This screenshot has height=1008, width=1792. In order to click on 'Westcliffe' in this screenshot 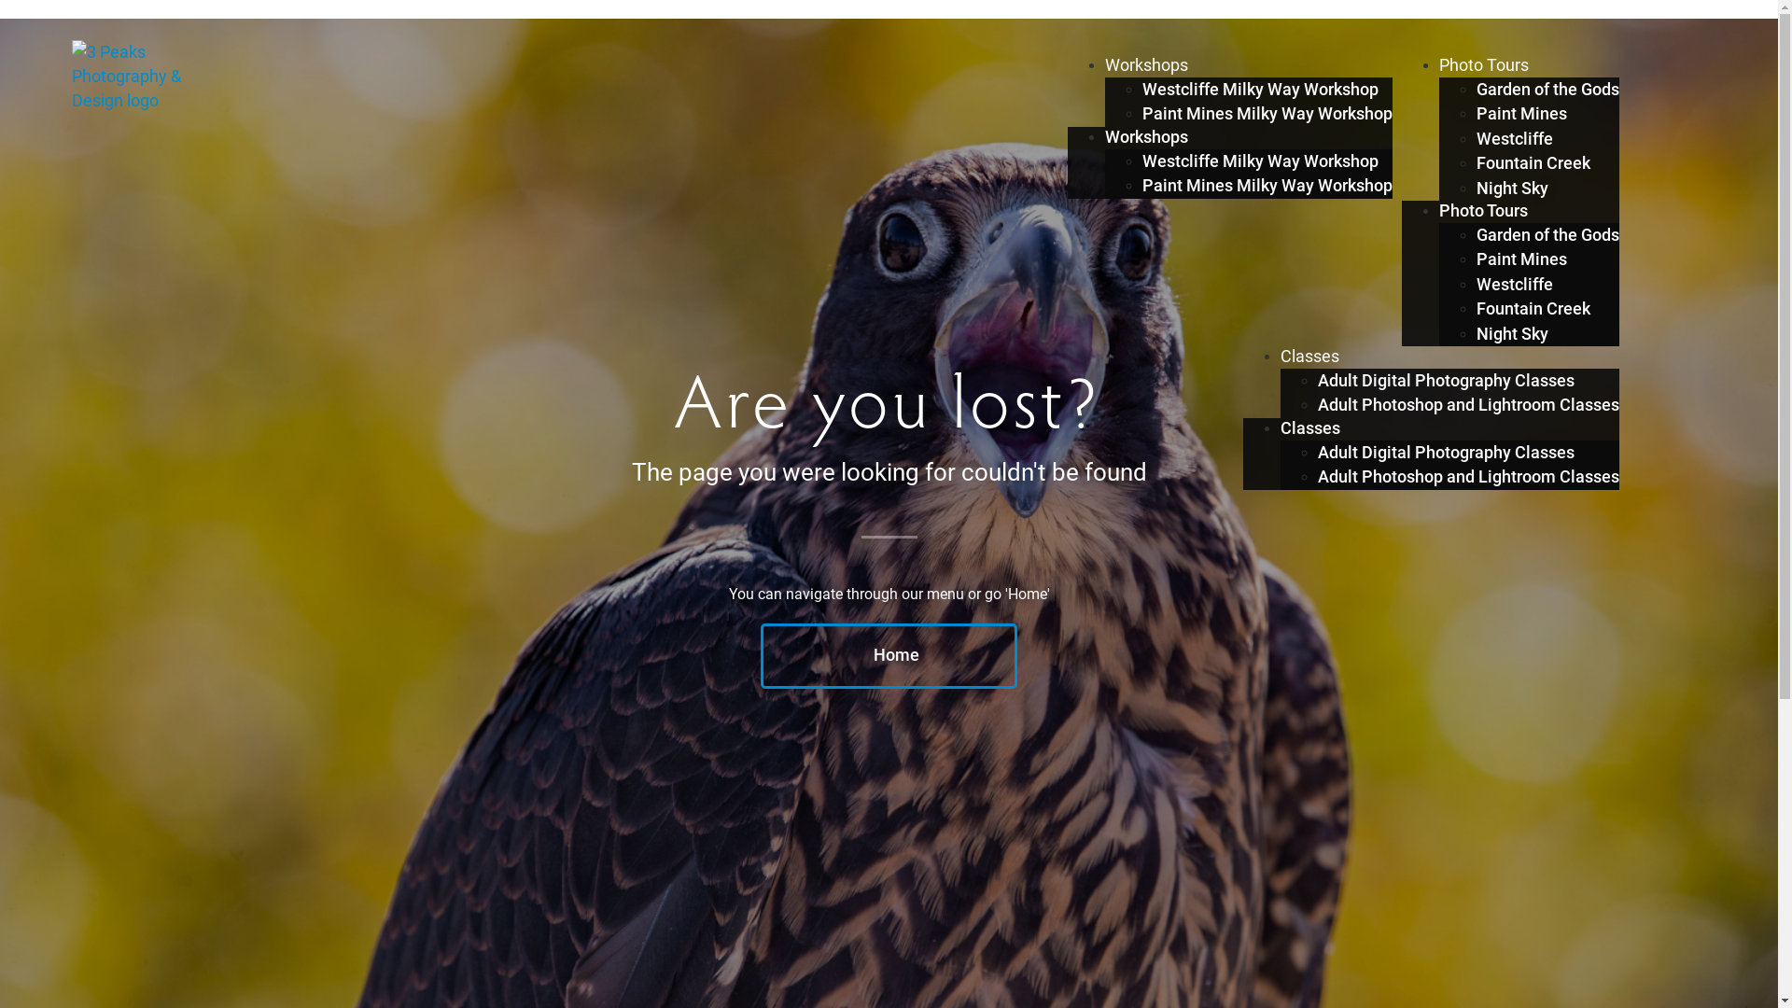, I will do `click(1514, 138)`.